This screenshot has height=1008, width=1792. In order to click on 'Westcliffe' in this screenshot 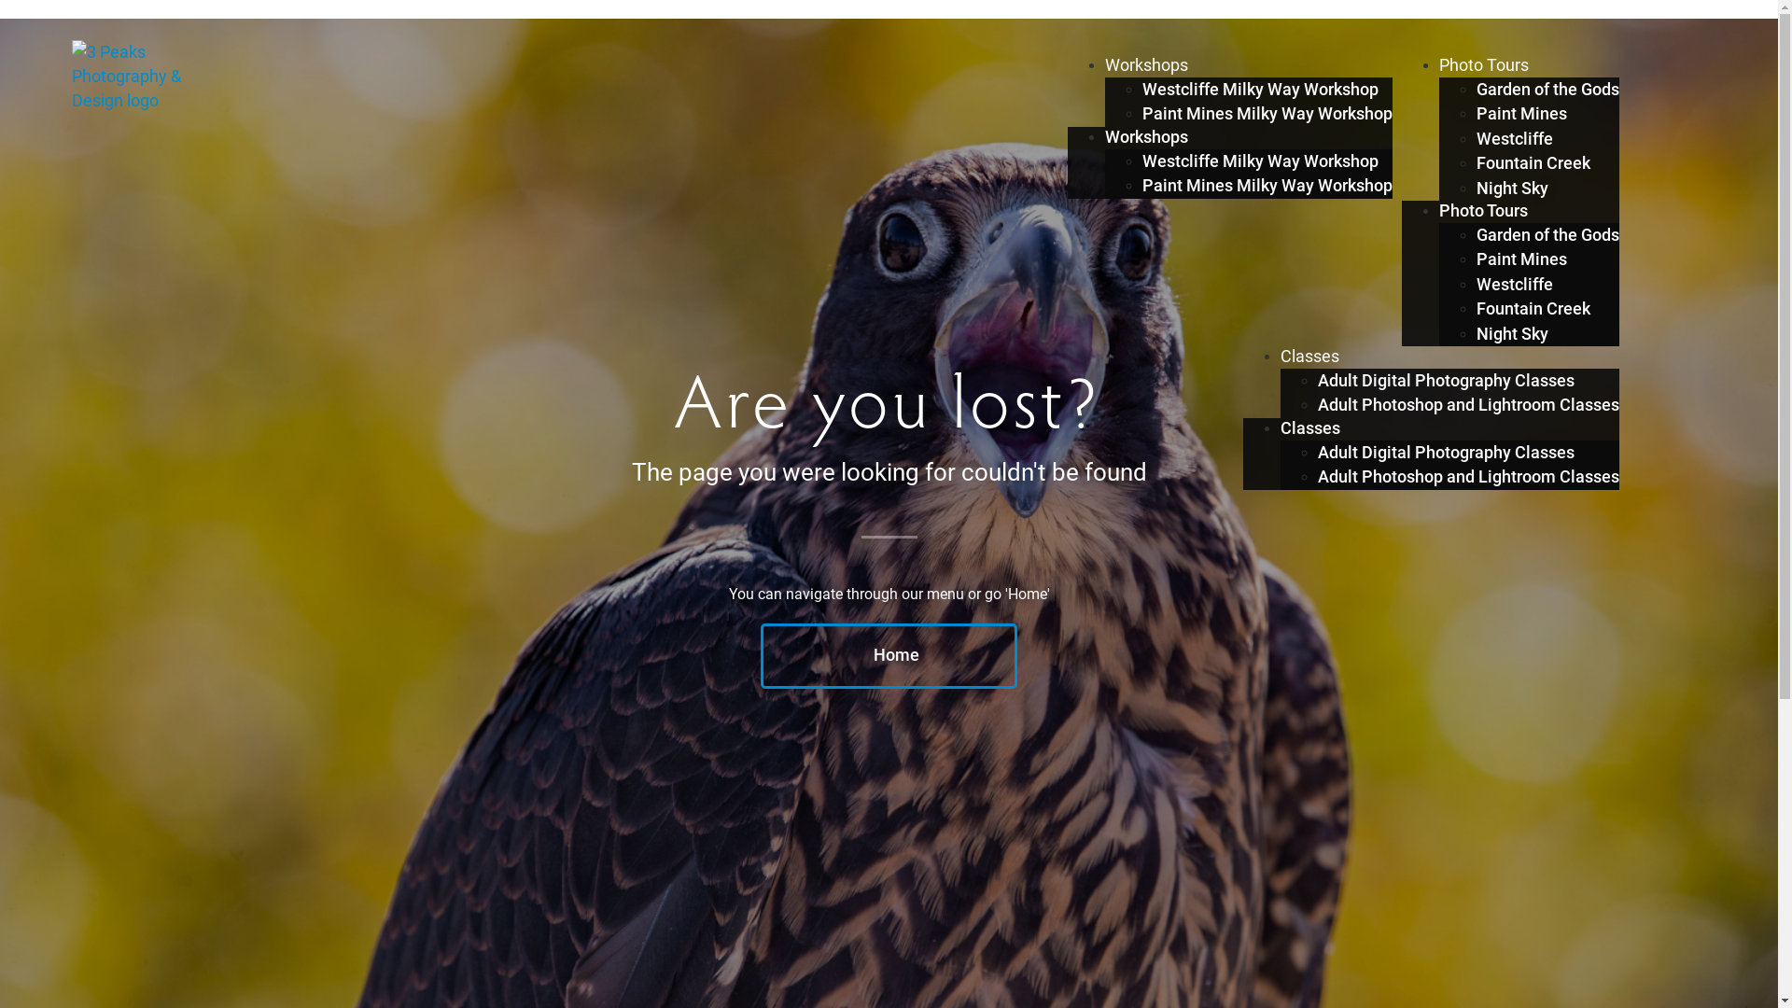, I will do `click(1514, 138)`.